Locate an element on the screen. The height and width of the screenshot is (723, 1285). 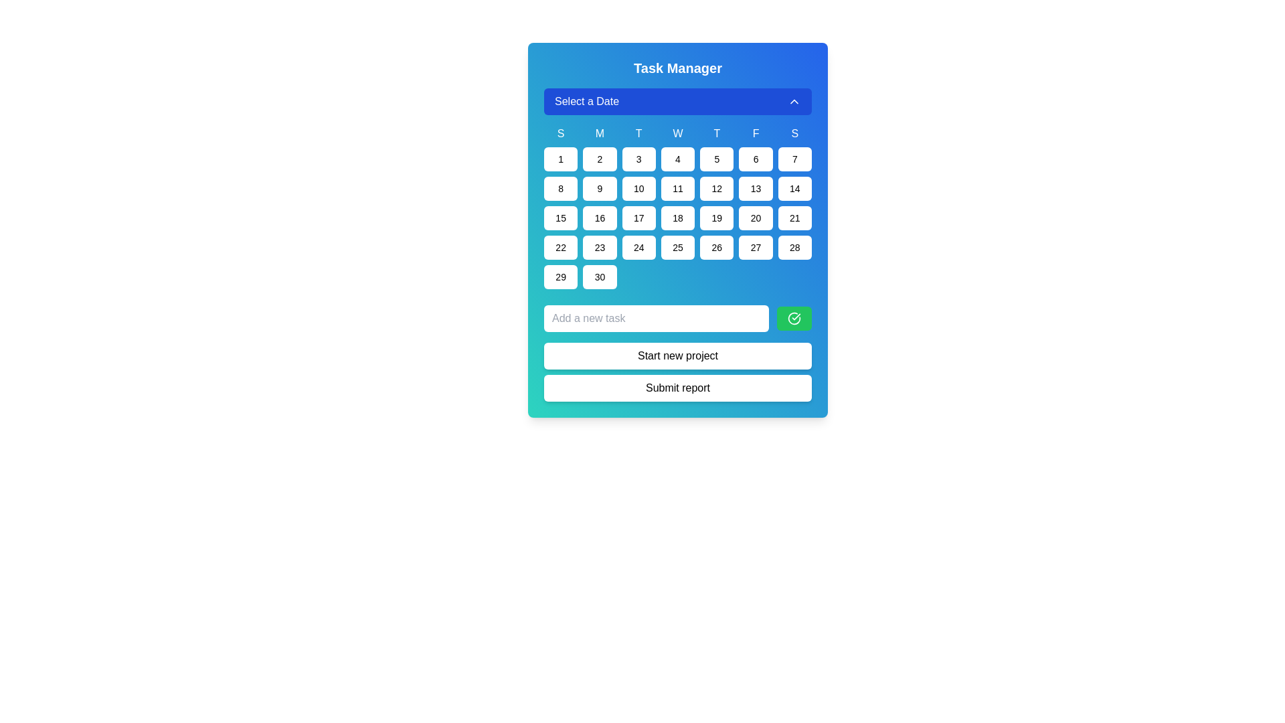
the selectable day button representing the date '24' in the calendar interface is located at coordinates (638, 248).